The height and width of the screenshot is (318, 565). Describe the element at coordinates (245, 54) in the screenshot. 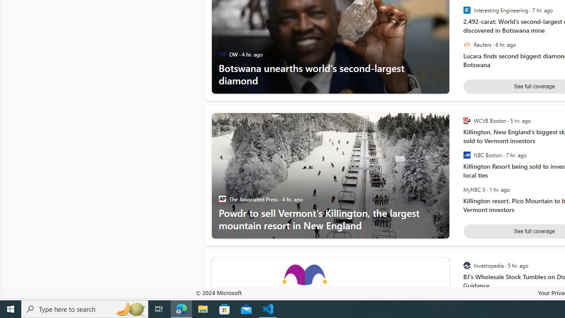

I see `'DW 4 hr. ago'` at that location.